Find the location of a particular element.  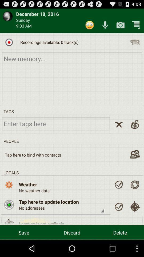

voice recording is located at coordinates (105, 25).